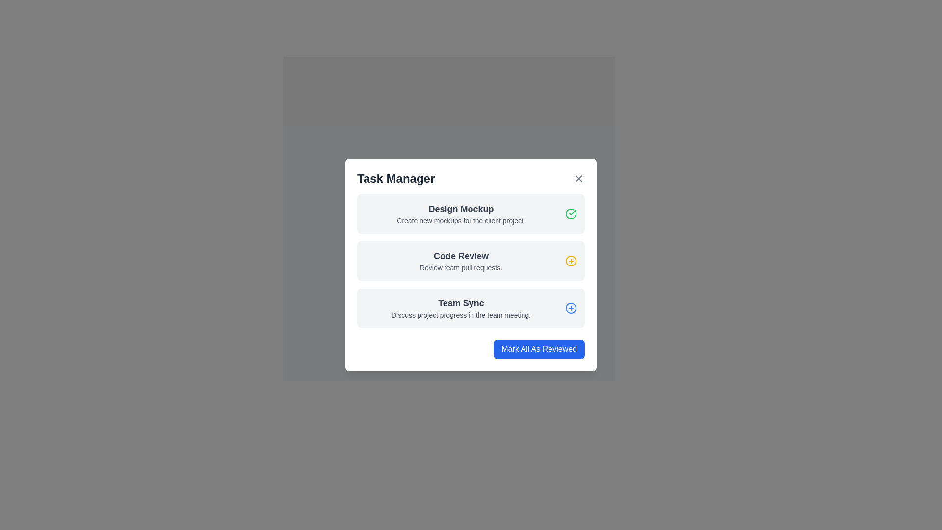 The height and width of the screenshot is (530, 942). Describe the element at coordinates (571, 261) in the screenshot. I see `the icon indicating the 'Code Review' task status, located to the right of the task in the interface` at that location.